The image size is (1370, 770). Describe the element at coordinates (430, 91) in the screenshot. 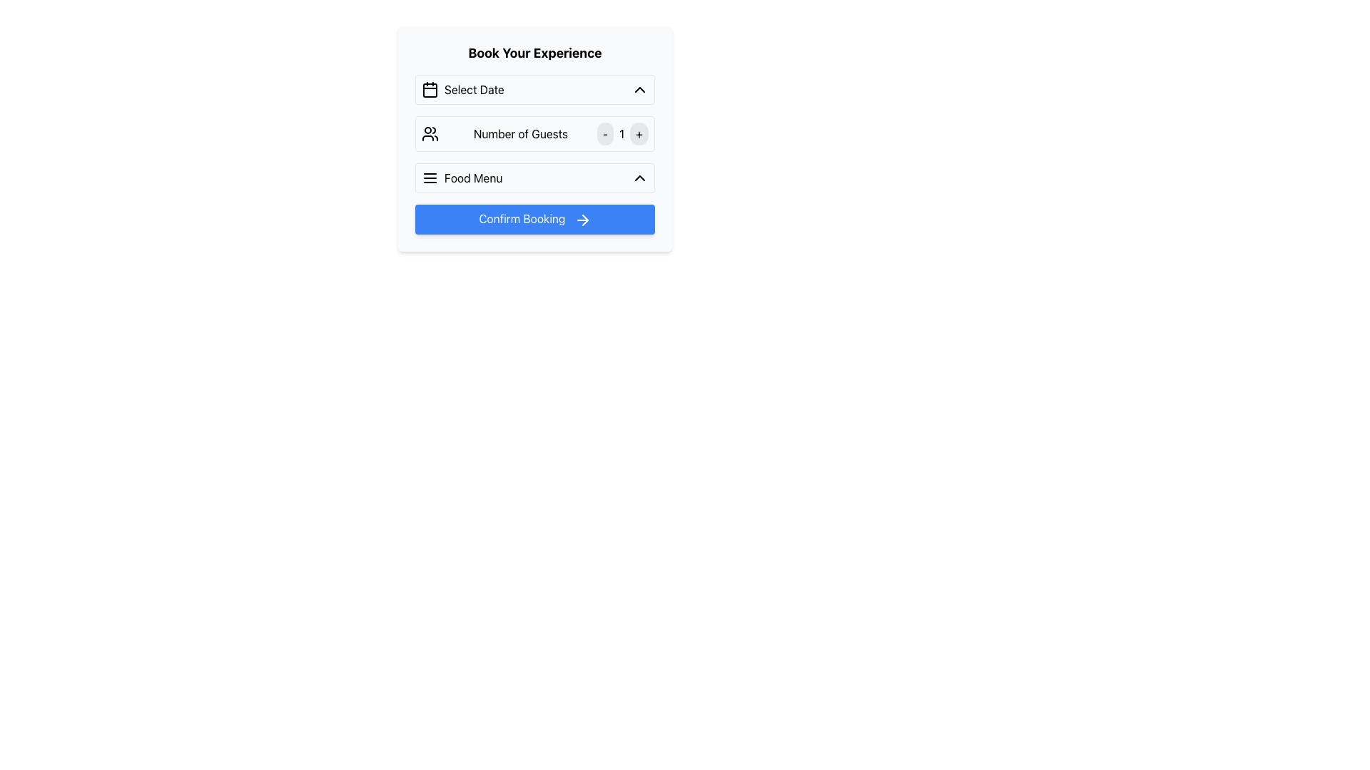

I see `the rectangular decorative graphic element that is part of the calendar icon in the booking form, positioned to the left of the 'Select Date' label` at that location.